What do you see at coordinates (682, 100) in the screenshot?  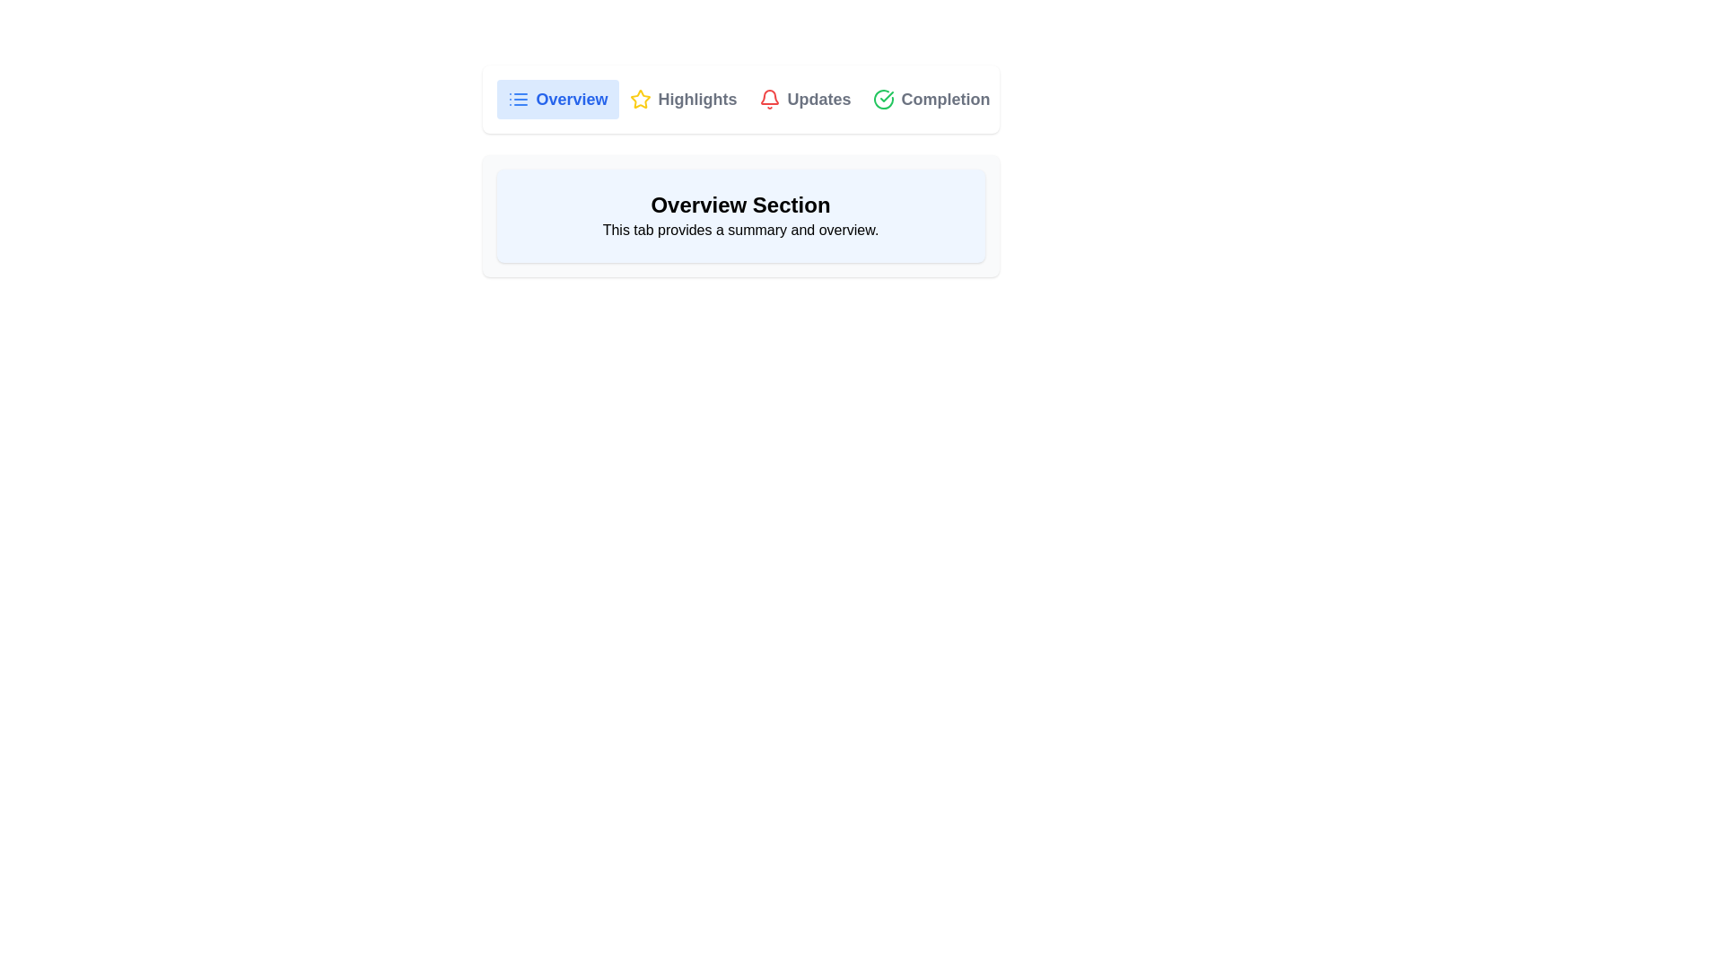 I see `the 'Highlights' tab, which is the second tab in the group with a yellow star icon` at bounding box center [682, 100].